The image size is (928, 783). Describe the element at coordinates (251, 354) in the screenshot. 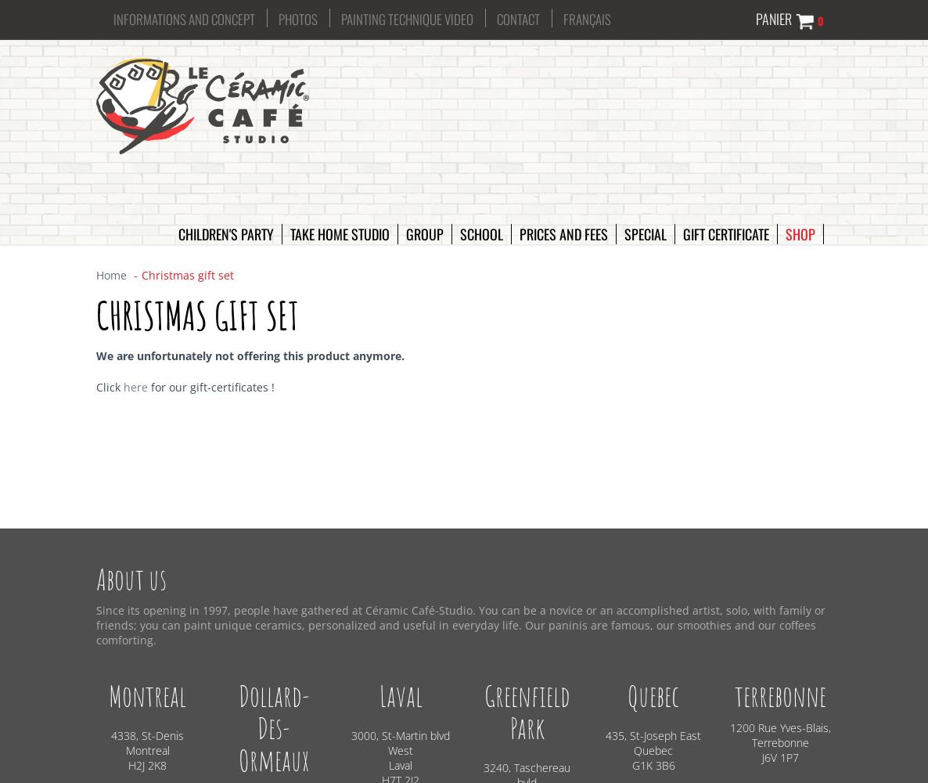

I see `'We are unfortunately not offering this product anymore.'` at that location.